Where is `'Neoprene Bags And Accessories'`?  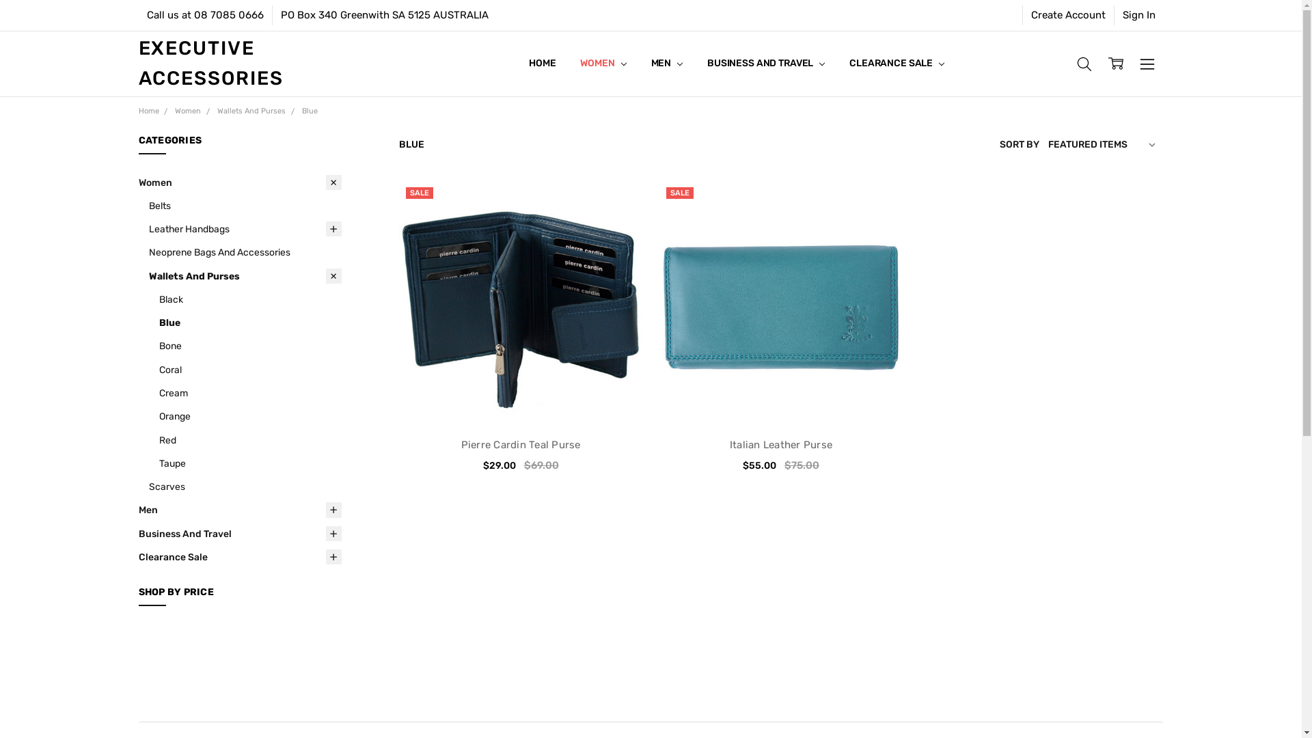
'Neoprene Bags And Accessories' is located at coordinates (245, 252).